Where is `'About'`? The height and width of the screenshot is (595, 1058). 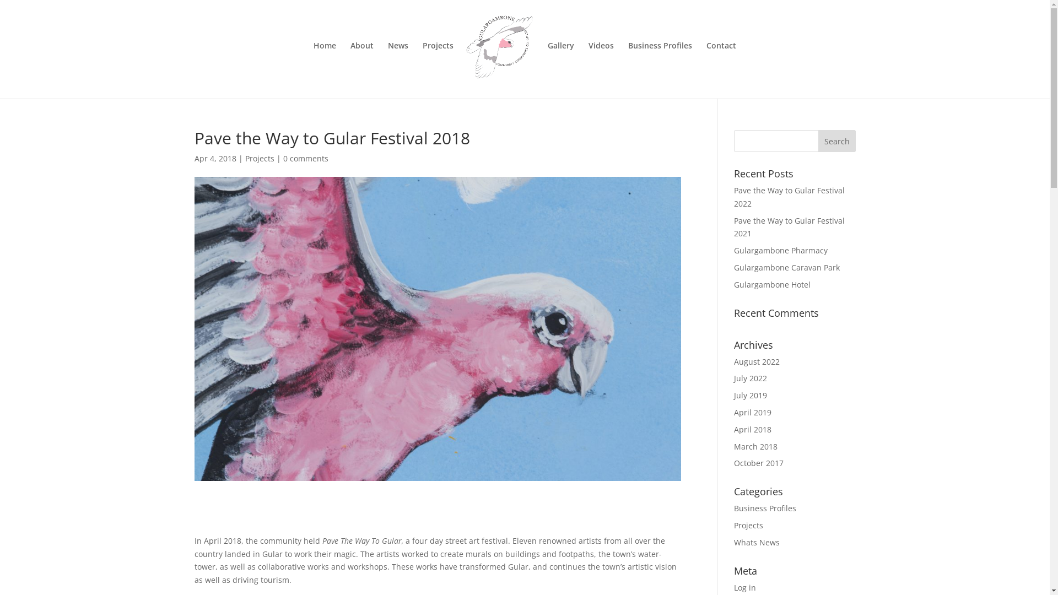
'About' is located at coordinates (362, 70).